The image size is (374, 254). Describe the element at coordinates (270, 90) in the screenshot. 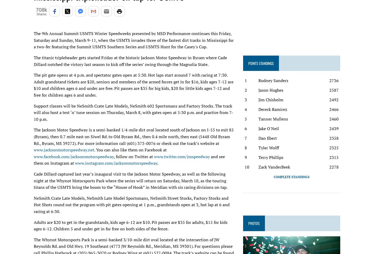

I see `'Jason Hughes'` at that location.